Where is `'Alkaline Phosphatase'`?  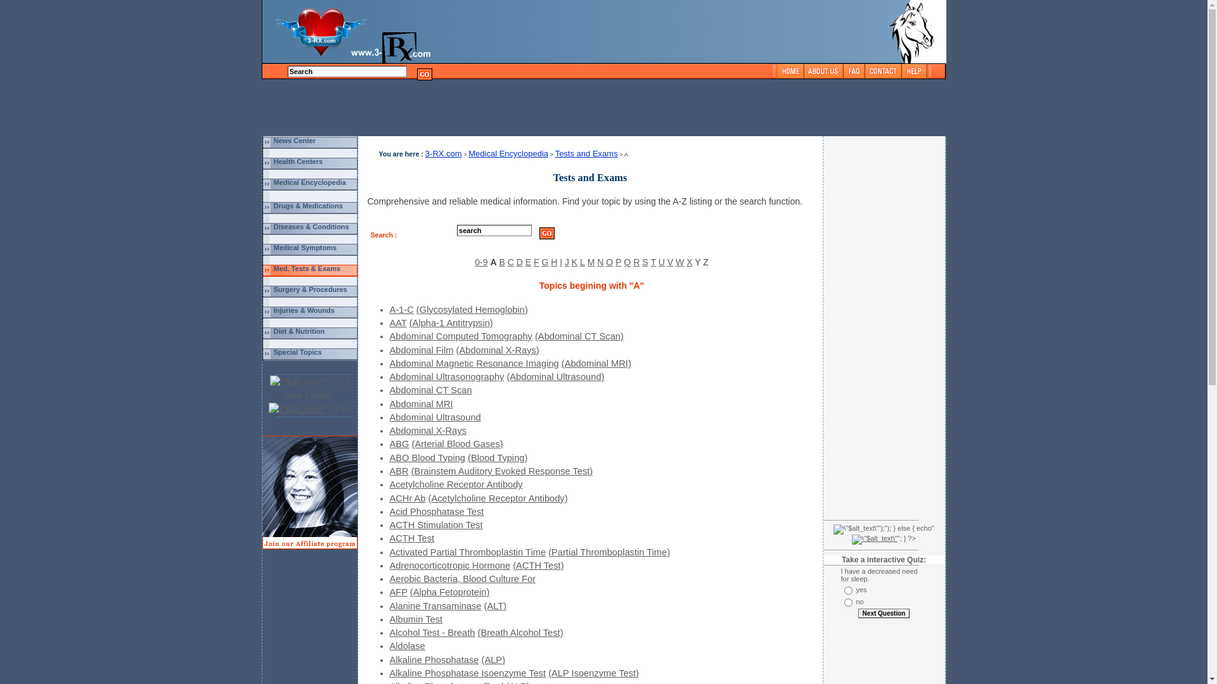 'Alkaline Phosphatase' is located at coordinates (389, 659).